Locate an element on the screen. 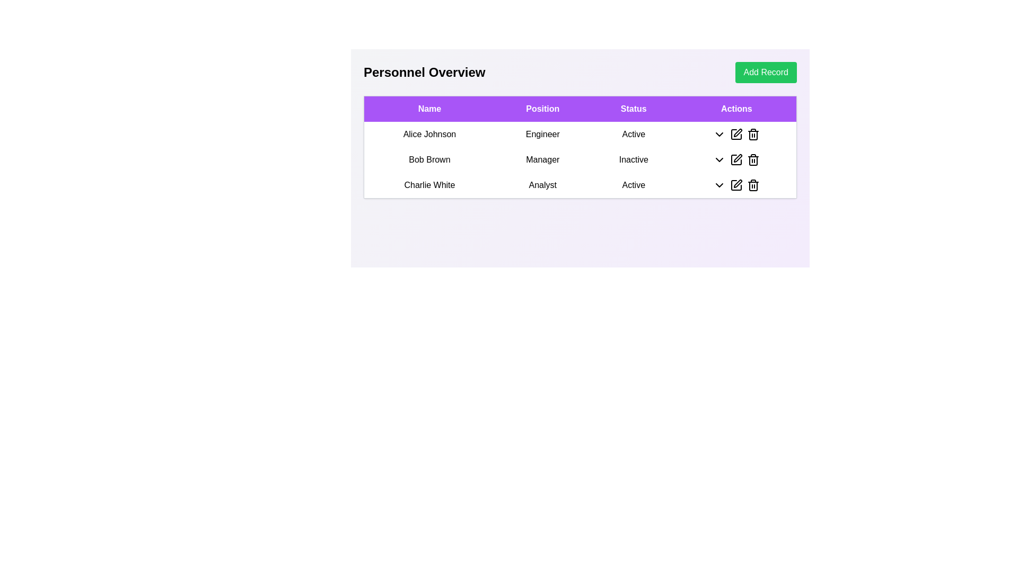 The height and width of the screenshot is (572, 1018). the edit icon is located at coordinates (738, 183).